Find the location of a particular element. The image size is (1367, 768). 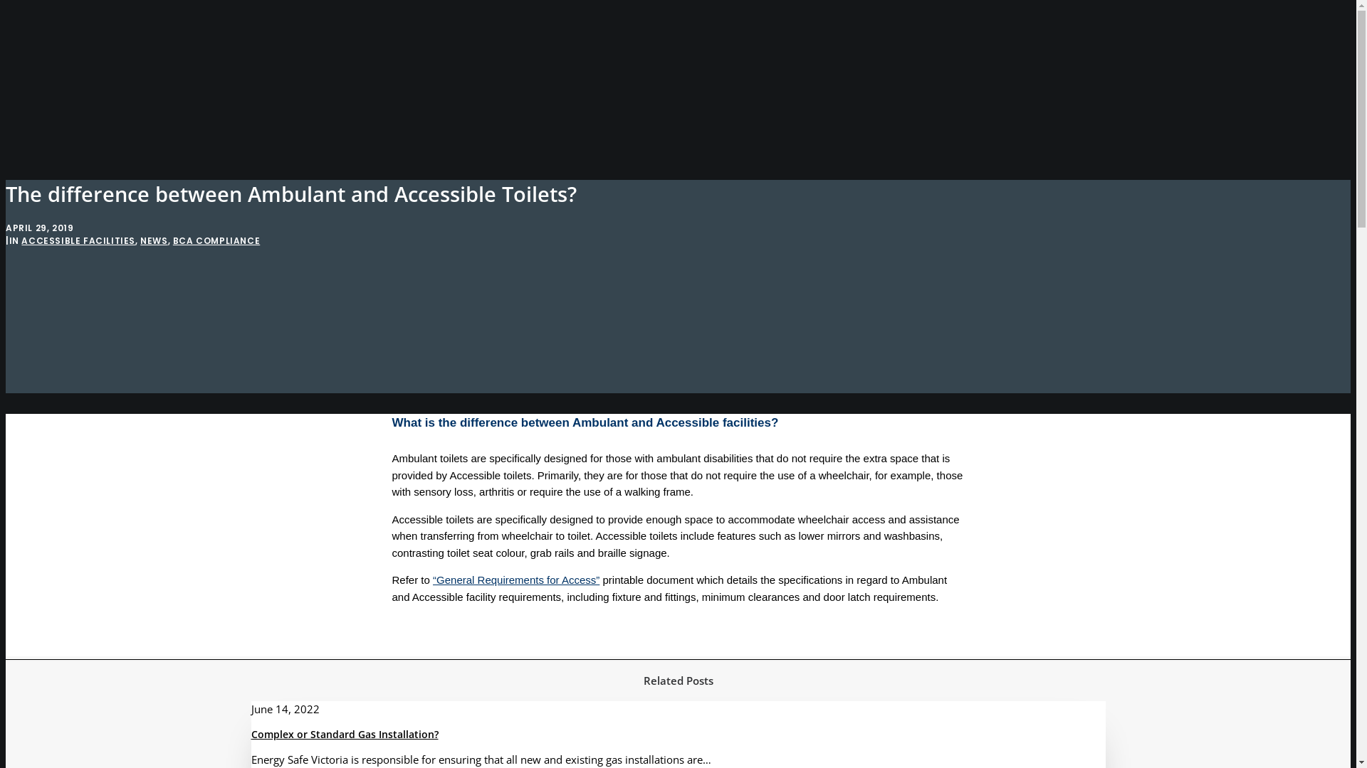

'BCA COMPLIANCE' is located at coordinates (172, 240).